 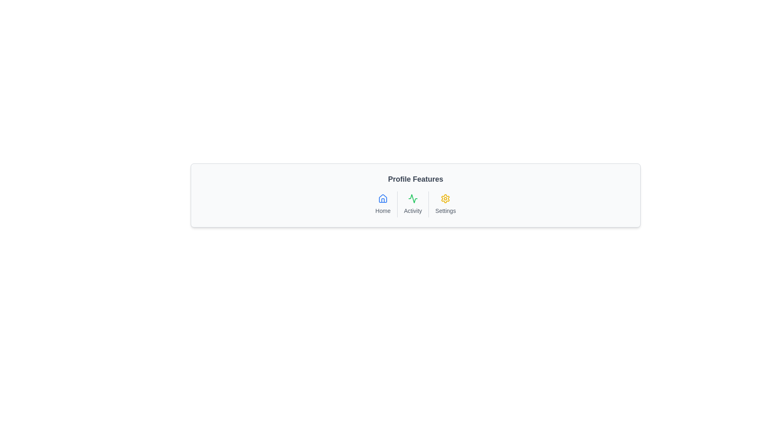 What do you see at coordinates (383, 198) in the screenshot?
I see `the 'Home' icon, which is the first element in the 'Profile Features' row, leading to the dashboard or main menu` at bounding box center [383, 198].